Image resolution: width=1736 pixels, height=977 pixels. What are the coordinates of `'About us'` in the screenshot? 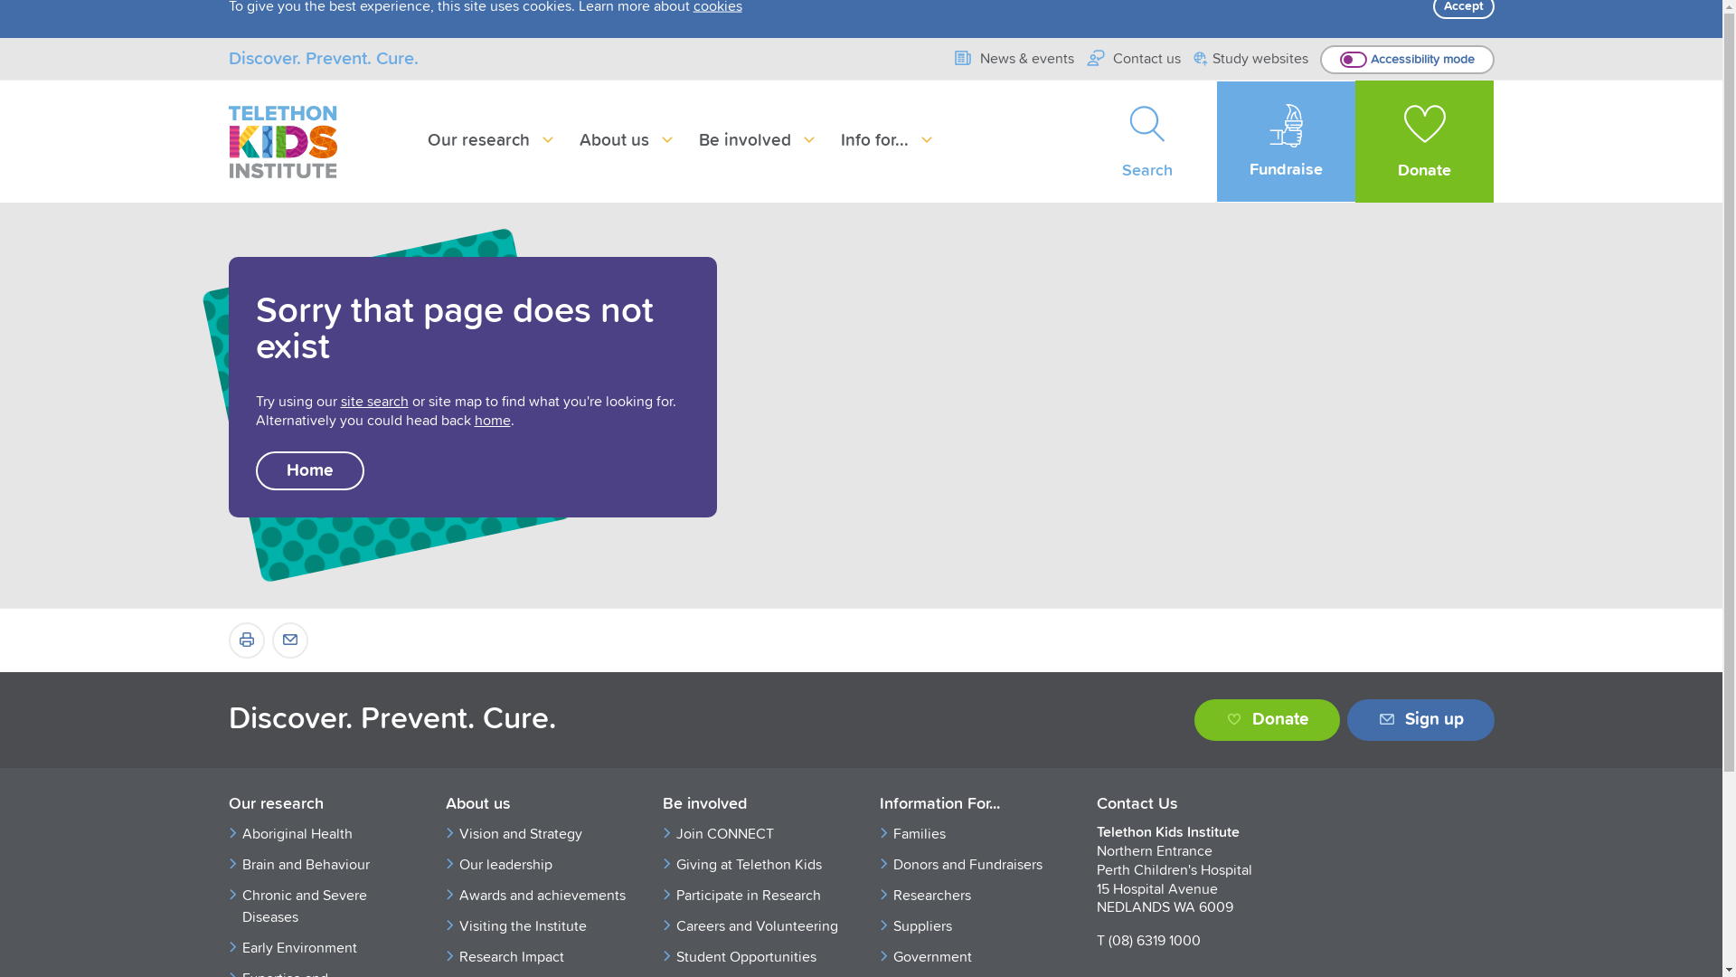 It's located at (627, 139).